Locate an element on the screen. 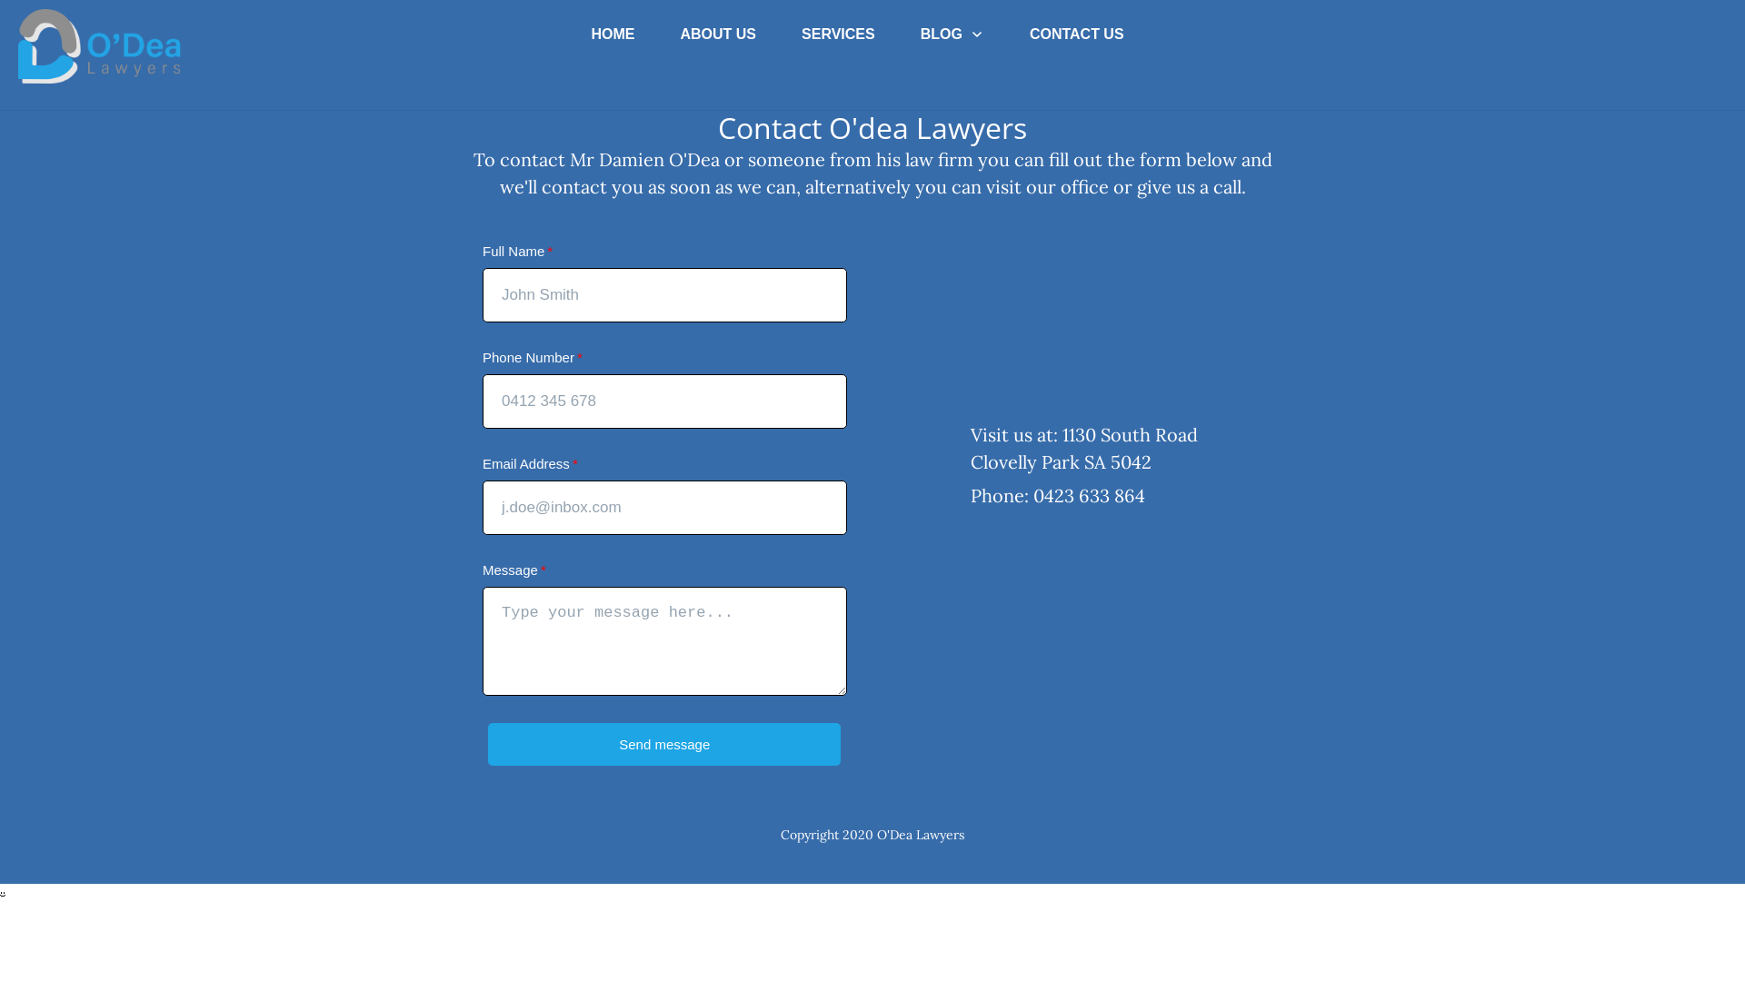  'CONTACT US' is located at coordinates (1029, 35).